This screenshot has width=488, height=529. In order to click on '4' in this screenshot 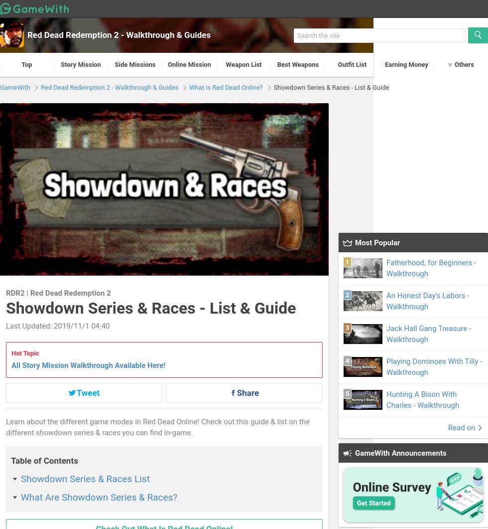, I will do `click(347, 360)`.